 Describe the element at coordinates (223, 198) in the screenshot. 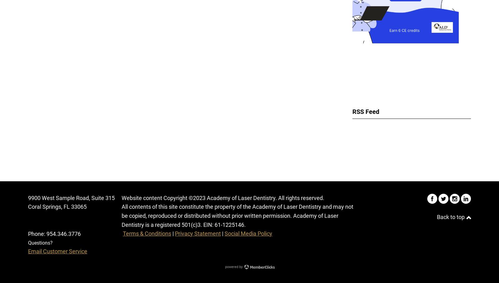

I see `'Website content Copyright ©2023 Academy of Laser Dentistry. All rights reserved.'` at that location.